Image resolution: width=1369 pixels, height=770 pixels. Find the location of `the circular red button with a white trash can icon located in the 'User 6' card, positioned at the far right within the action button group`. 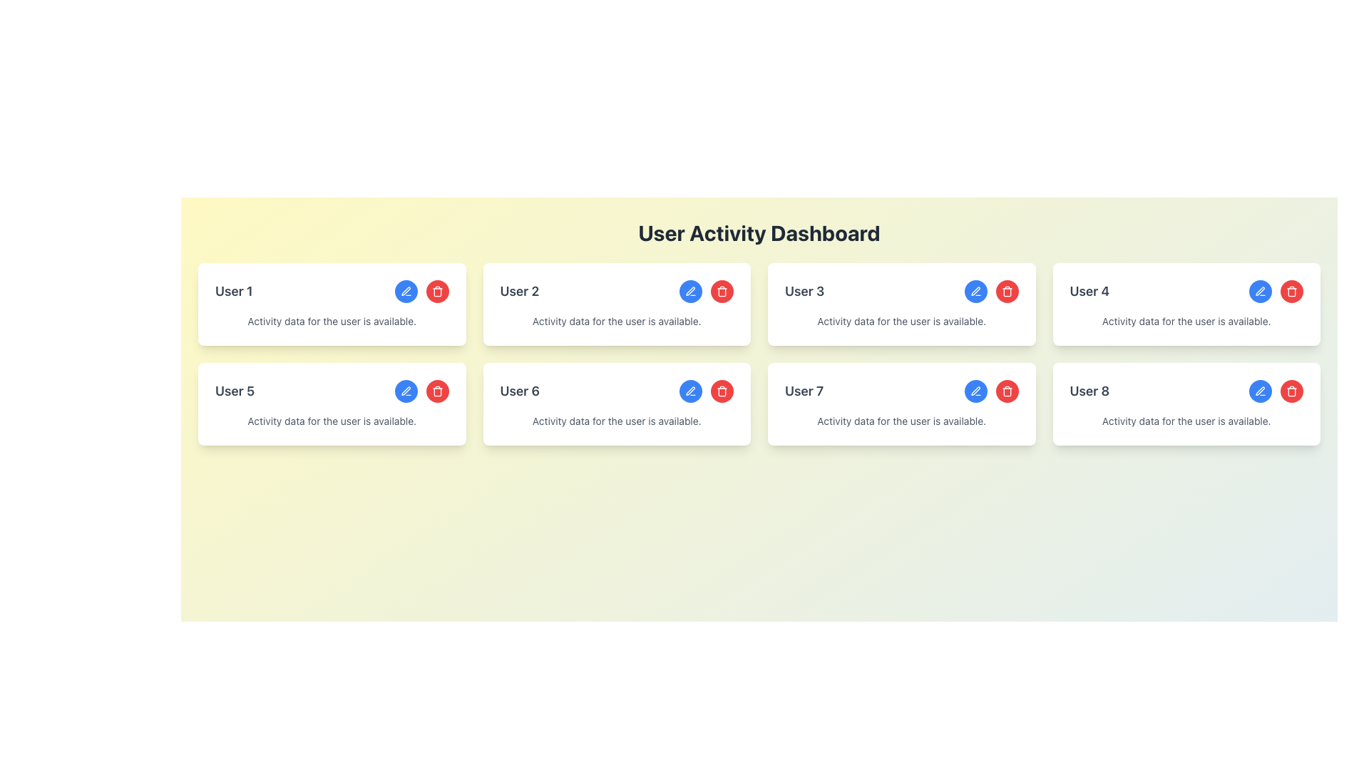

the circular red button with a white trash can icon located in the 'User 6' card, positioned at the far right within the action button group is located at coordinates (722, 391).